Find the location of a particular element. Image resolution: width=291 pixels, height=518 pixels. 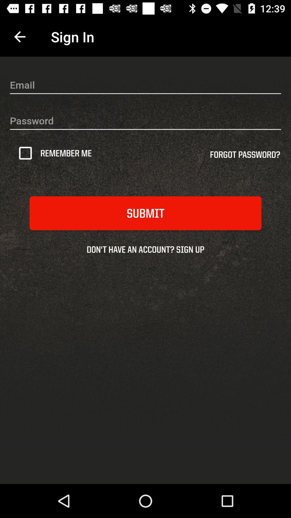

item at the top right corner is located at coordinates (245, 156).